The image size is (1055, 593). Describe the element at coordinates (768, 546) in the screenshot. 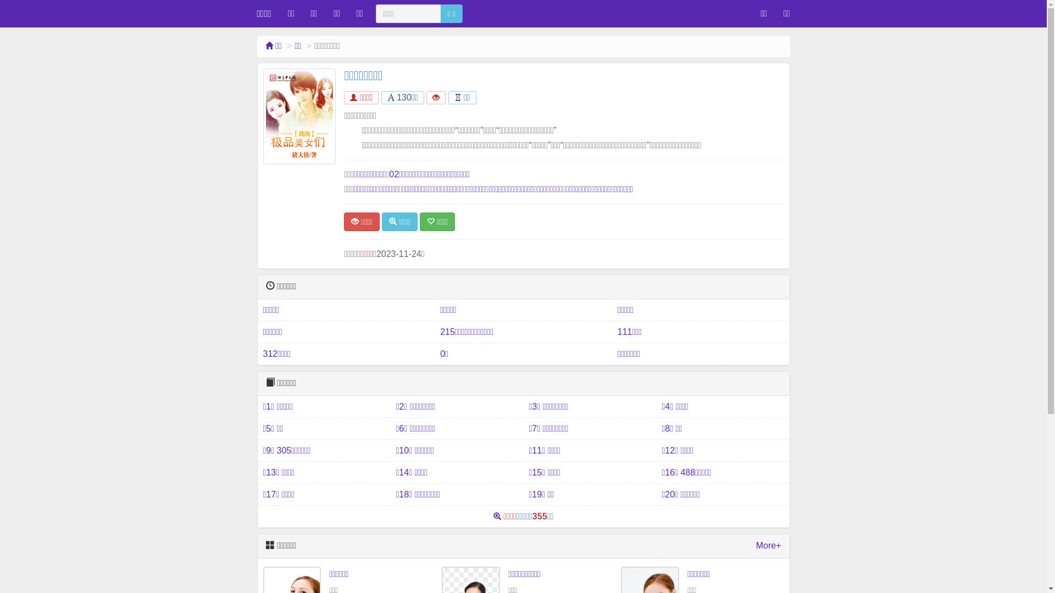

I see `'More+'` at that location.